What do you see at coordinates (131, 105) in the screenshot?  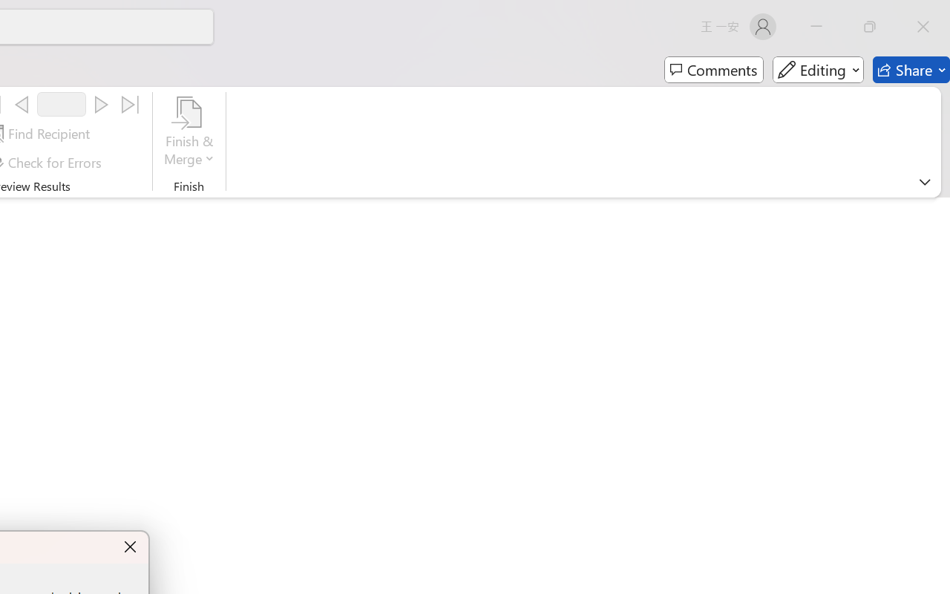 I see `'Last'` at bounding box center [131, 105].